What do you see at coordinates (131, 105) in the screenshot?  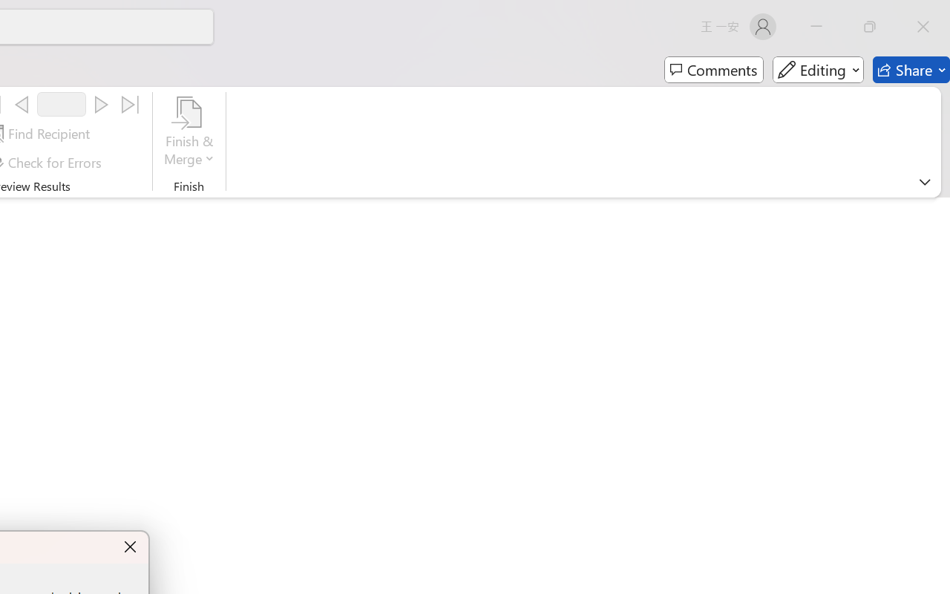 I see `'Last'` at bounding box center [131, 105].